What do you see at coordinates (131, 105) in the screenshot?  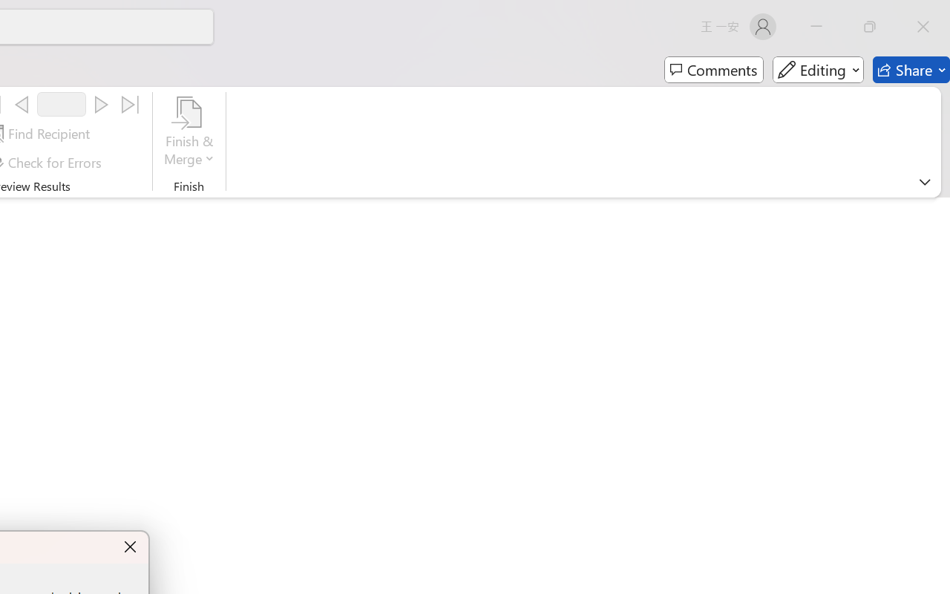 I see `'Last'` at bounding box center [131, 105].